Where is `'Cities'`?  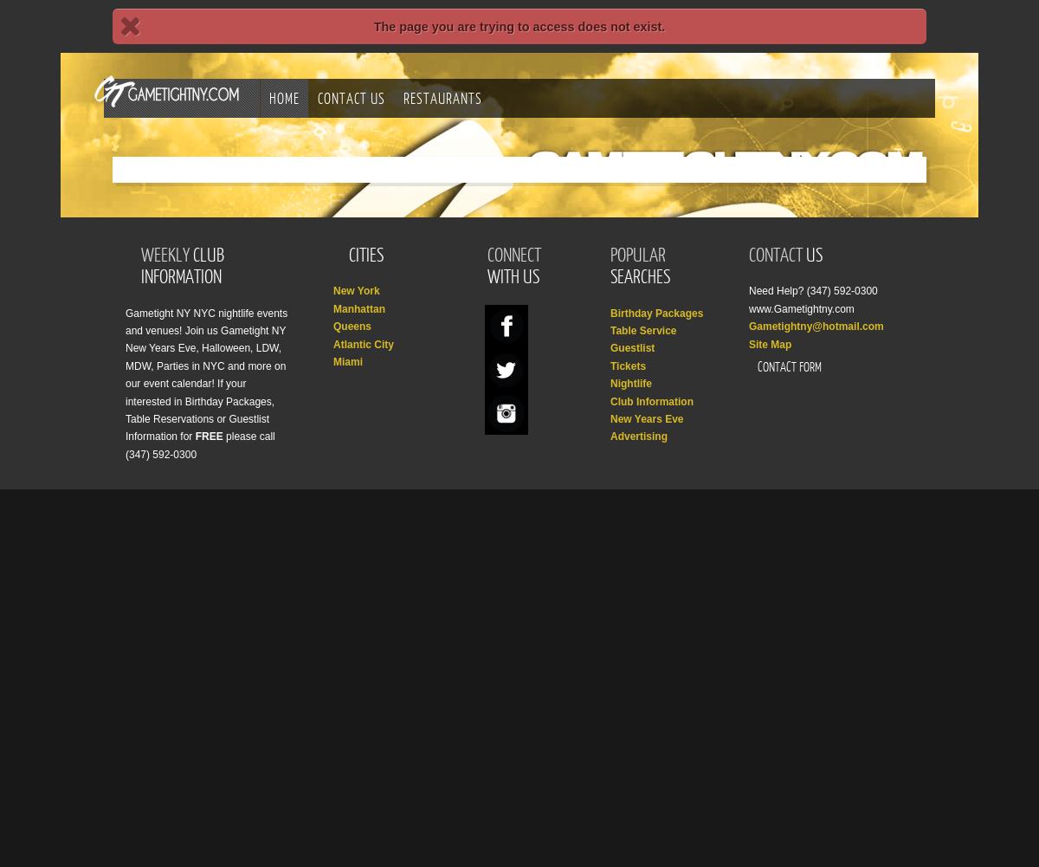
'Cities' is located at coordinates (348, 254).